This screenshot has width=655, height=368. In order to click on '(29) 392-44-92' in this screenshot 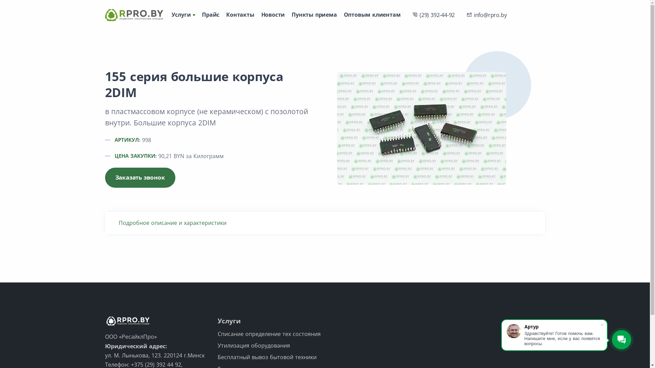, I will do `click(409, 15)`.